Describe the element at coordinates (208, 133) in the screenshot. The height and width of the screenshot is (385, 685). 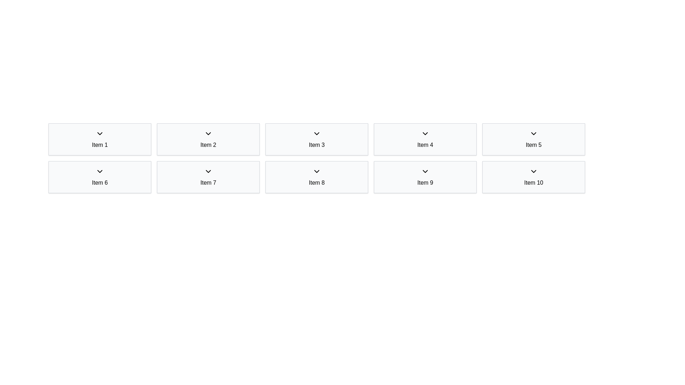
I see `keyboard navigation` at that location.